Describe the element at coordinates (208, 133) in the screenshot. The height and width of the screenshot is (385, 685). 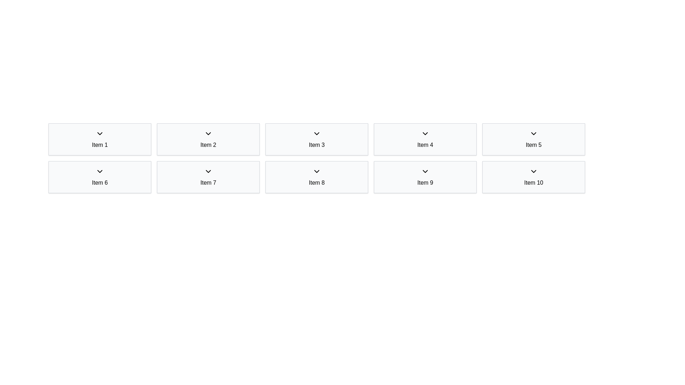
I see `keyboard navigation` at that location.